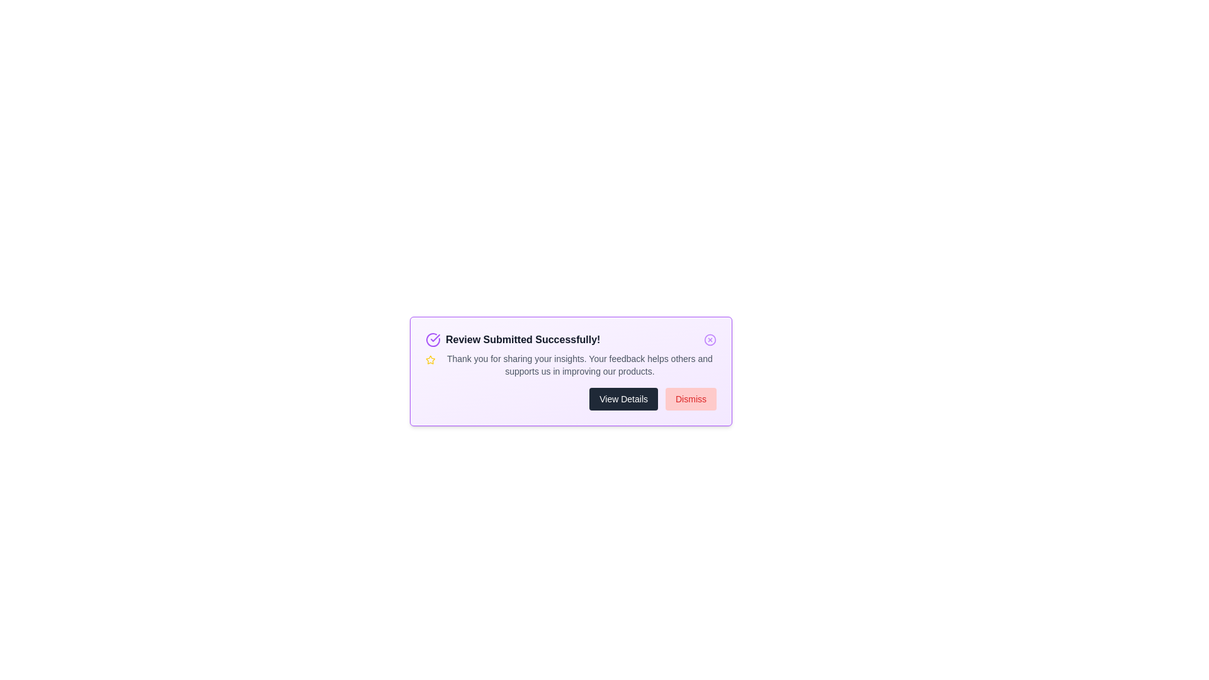 The width and height of the screenshot is (1209, 680). I want to click on the close button to dismiss the alert, so click(710, 340).